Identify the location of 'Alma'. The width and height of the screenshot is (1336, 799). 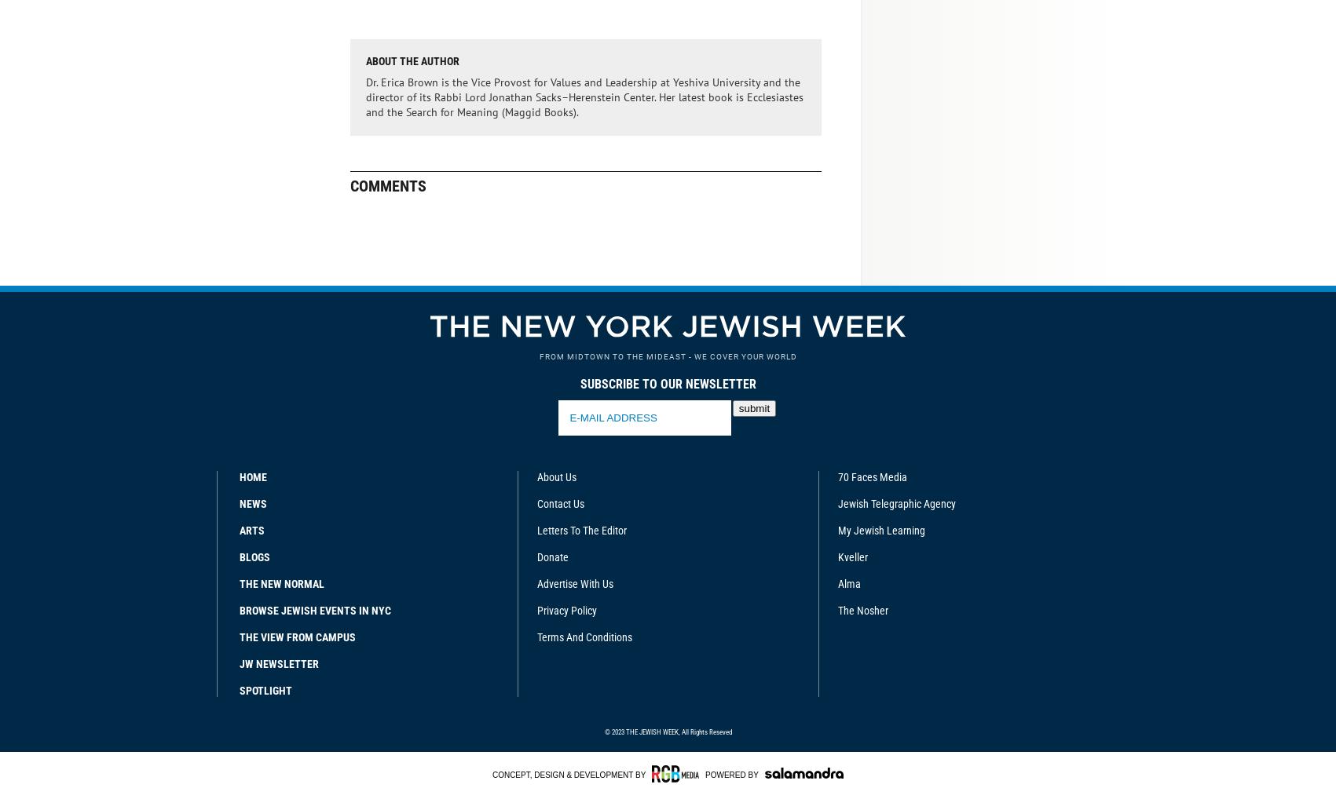
(838, 582).